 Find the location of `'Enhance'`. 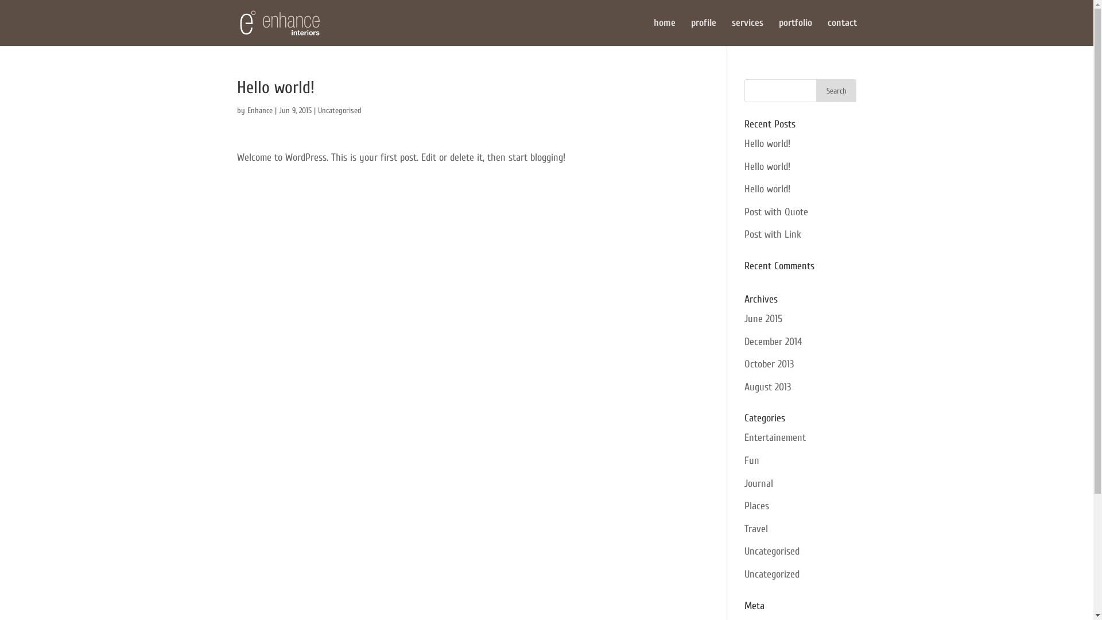

'Enhance' is located at coordinates (246, 110).